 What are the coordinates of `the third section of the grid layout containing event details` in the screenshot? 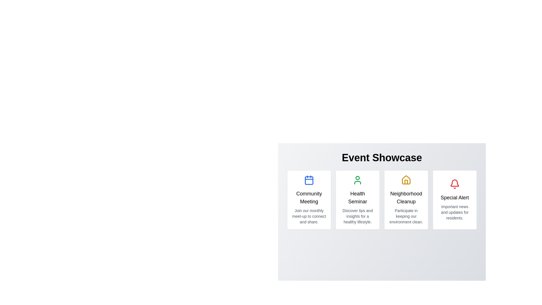 It's located at (382, 200).